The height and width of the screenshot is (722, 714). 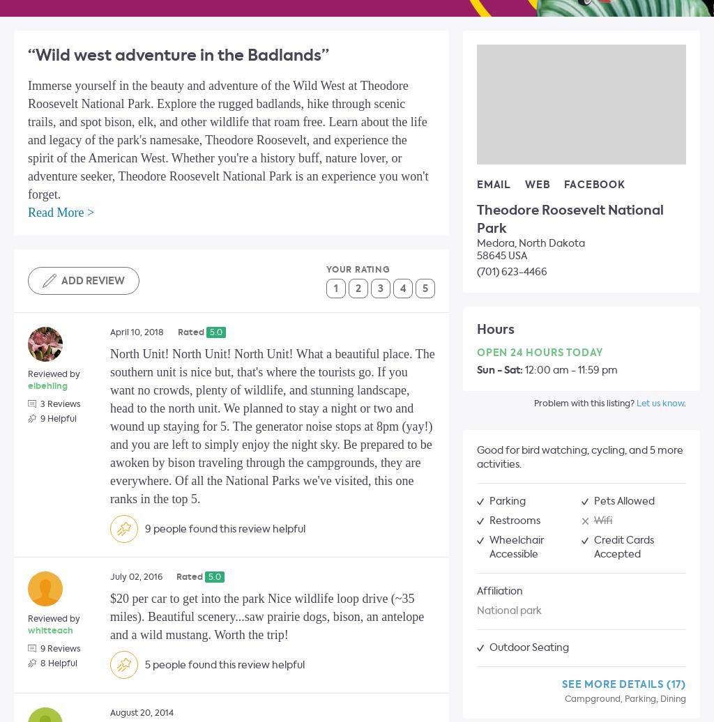 I want to click on 'North Unit! North Unit! North Unit! What a beautiful place. The southern unit is nice but, that's where the tourists go. If you want no crowds, plenty of wildlife, and stunning landscape, head to the north unit. We planned to stay a night or two and wound up staying for 5. The generator noise stops at 8pm (yay!) and you are left to simply enjoy the night sky. Be prepared to be awoken by bison traveling through the campgrounds, they are everywhere. Of all the National Parks we've visited, this one ranks in the top 5.', so click(x=271, y=426).